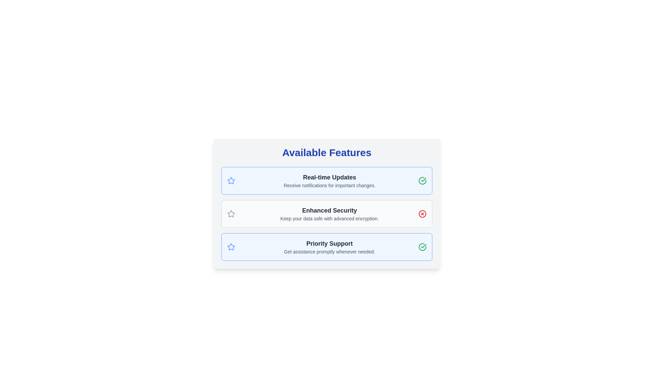 This screenshot has height=365, width=649. I want to click on the descriptive text label that provides additional information about the 'Priority Support' feature, positioned below the 'Priority Support' text, so click(329, 251).